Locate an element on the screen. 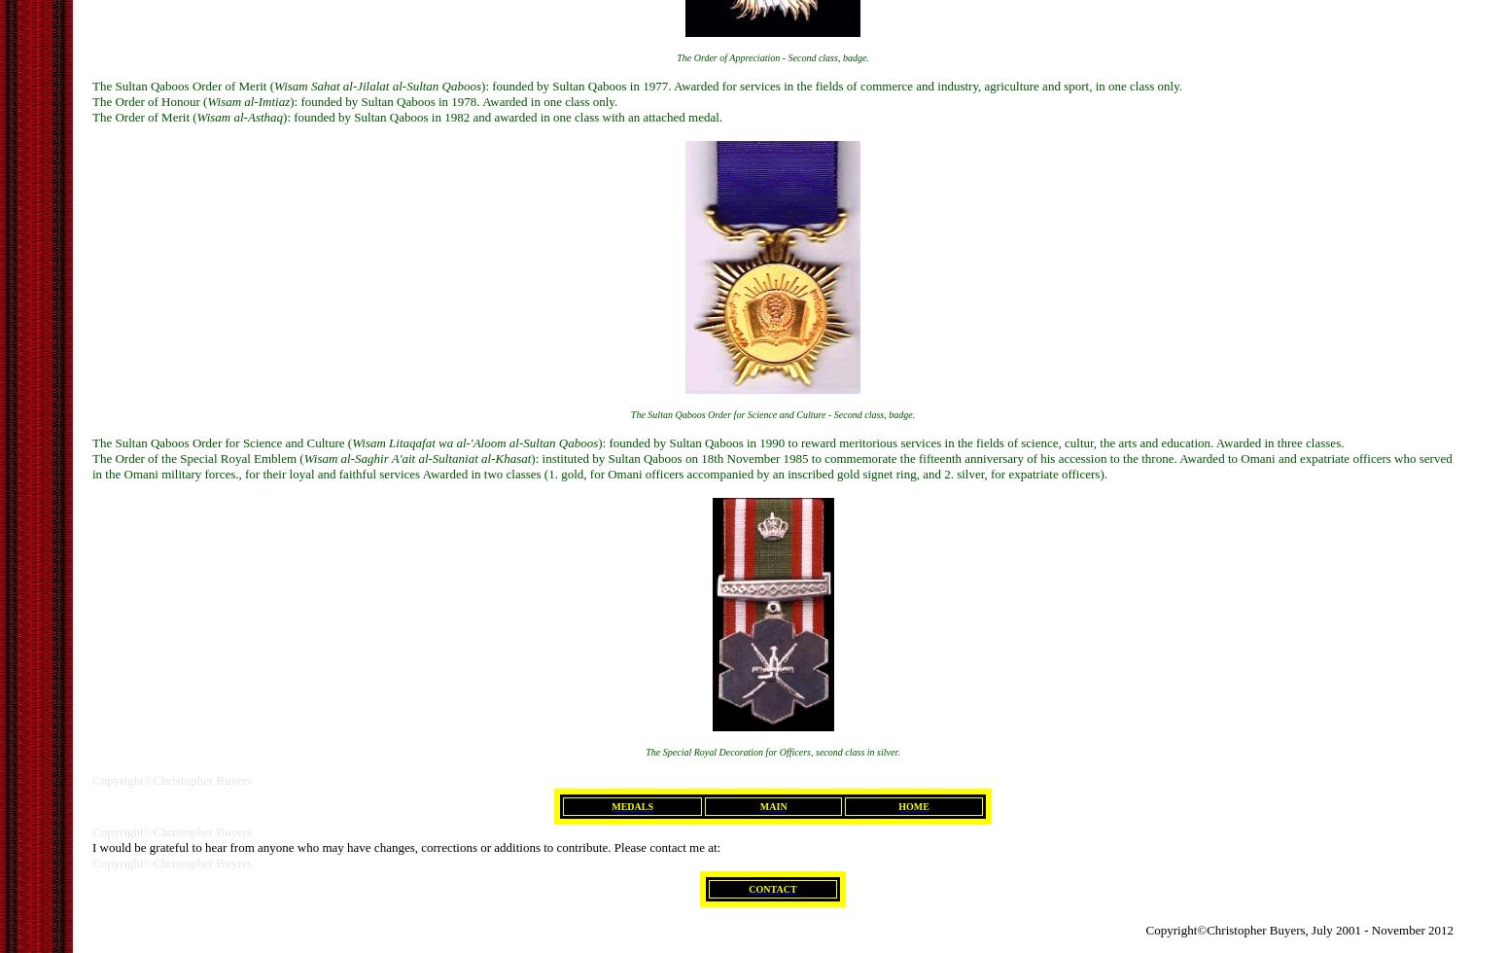  'The Order of Honour (' is located at coordinates (92, 100).